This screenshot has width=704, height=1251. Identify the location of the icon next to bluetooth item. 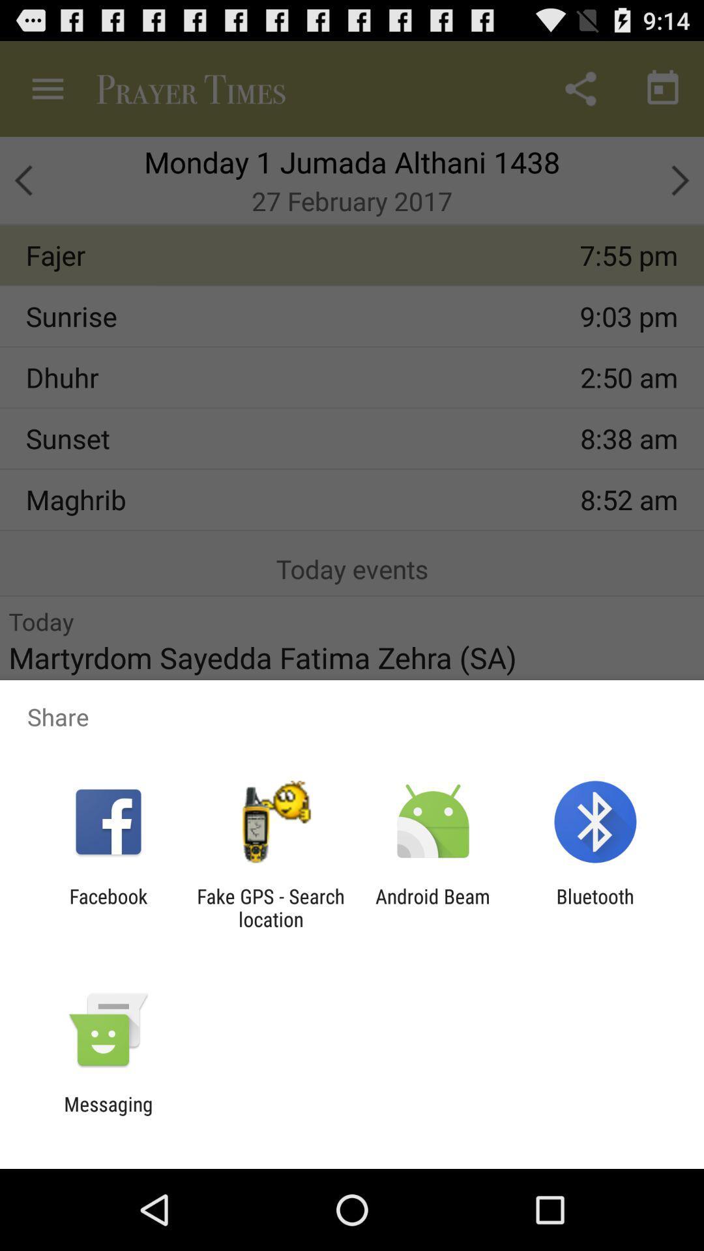
(433, 907).